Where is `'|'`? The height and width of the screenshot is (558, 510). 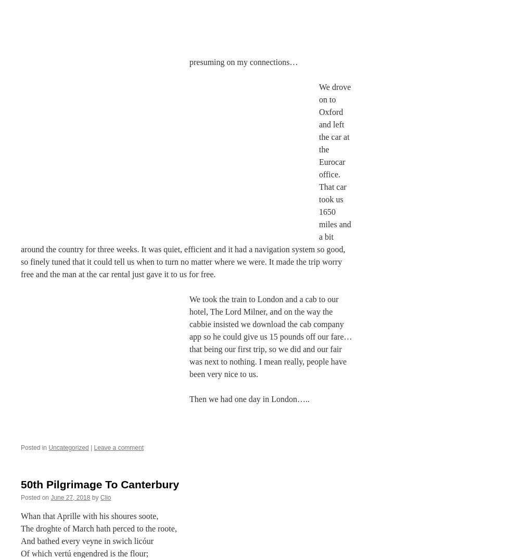 '|' is located at coordinates (91, 447).